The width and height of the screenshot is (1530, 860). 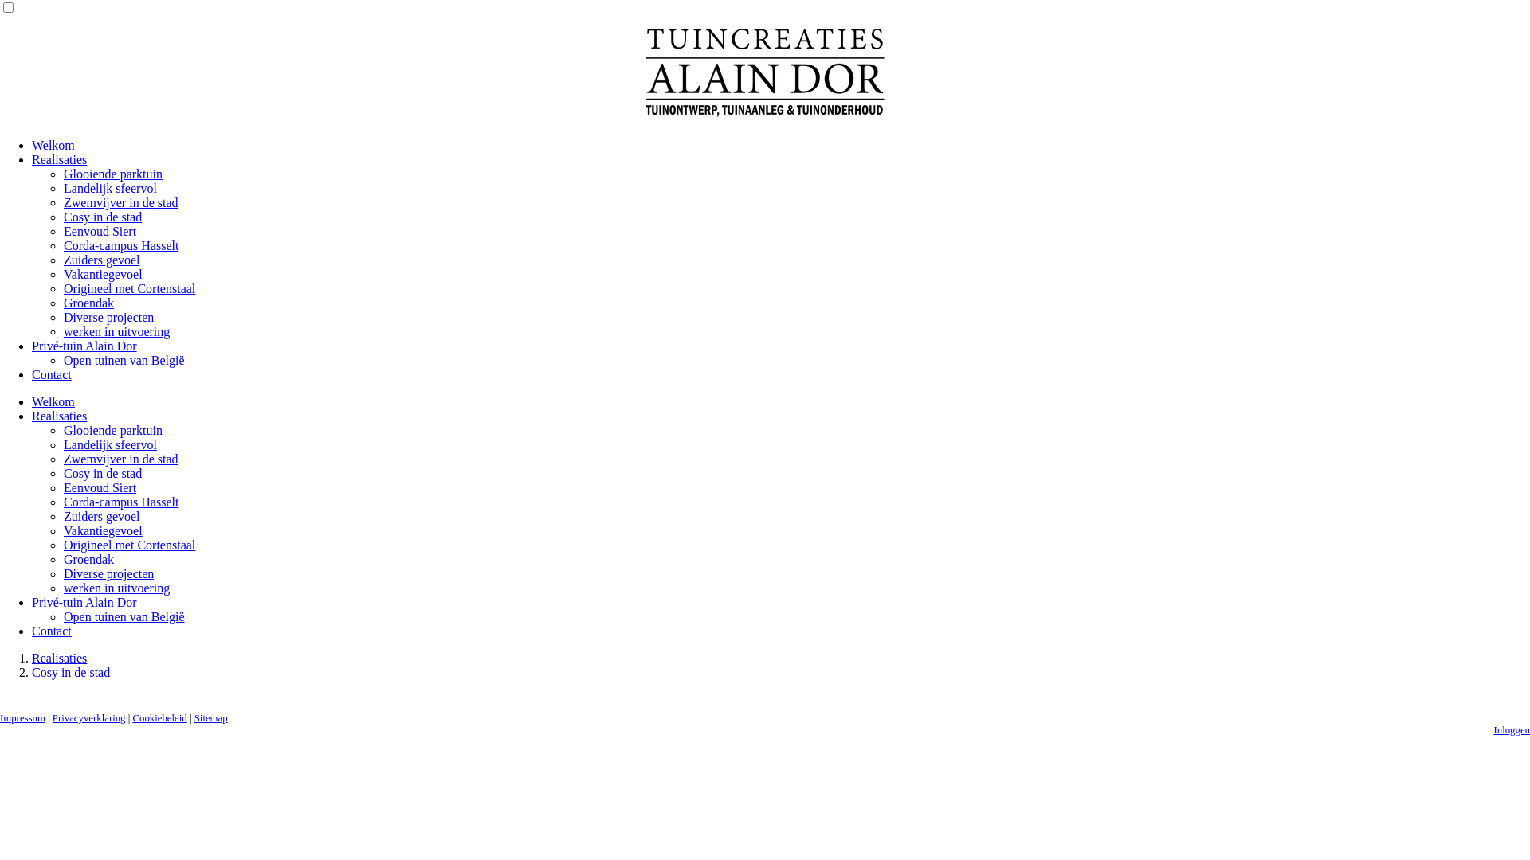 What do you see at coordinates (22, 718) in the screenshot?
I see `'Impressum'` at bounding box center [22, 718].